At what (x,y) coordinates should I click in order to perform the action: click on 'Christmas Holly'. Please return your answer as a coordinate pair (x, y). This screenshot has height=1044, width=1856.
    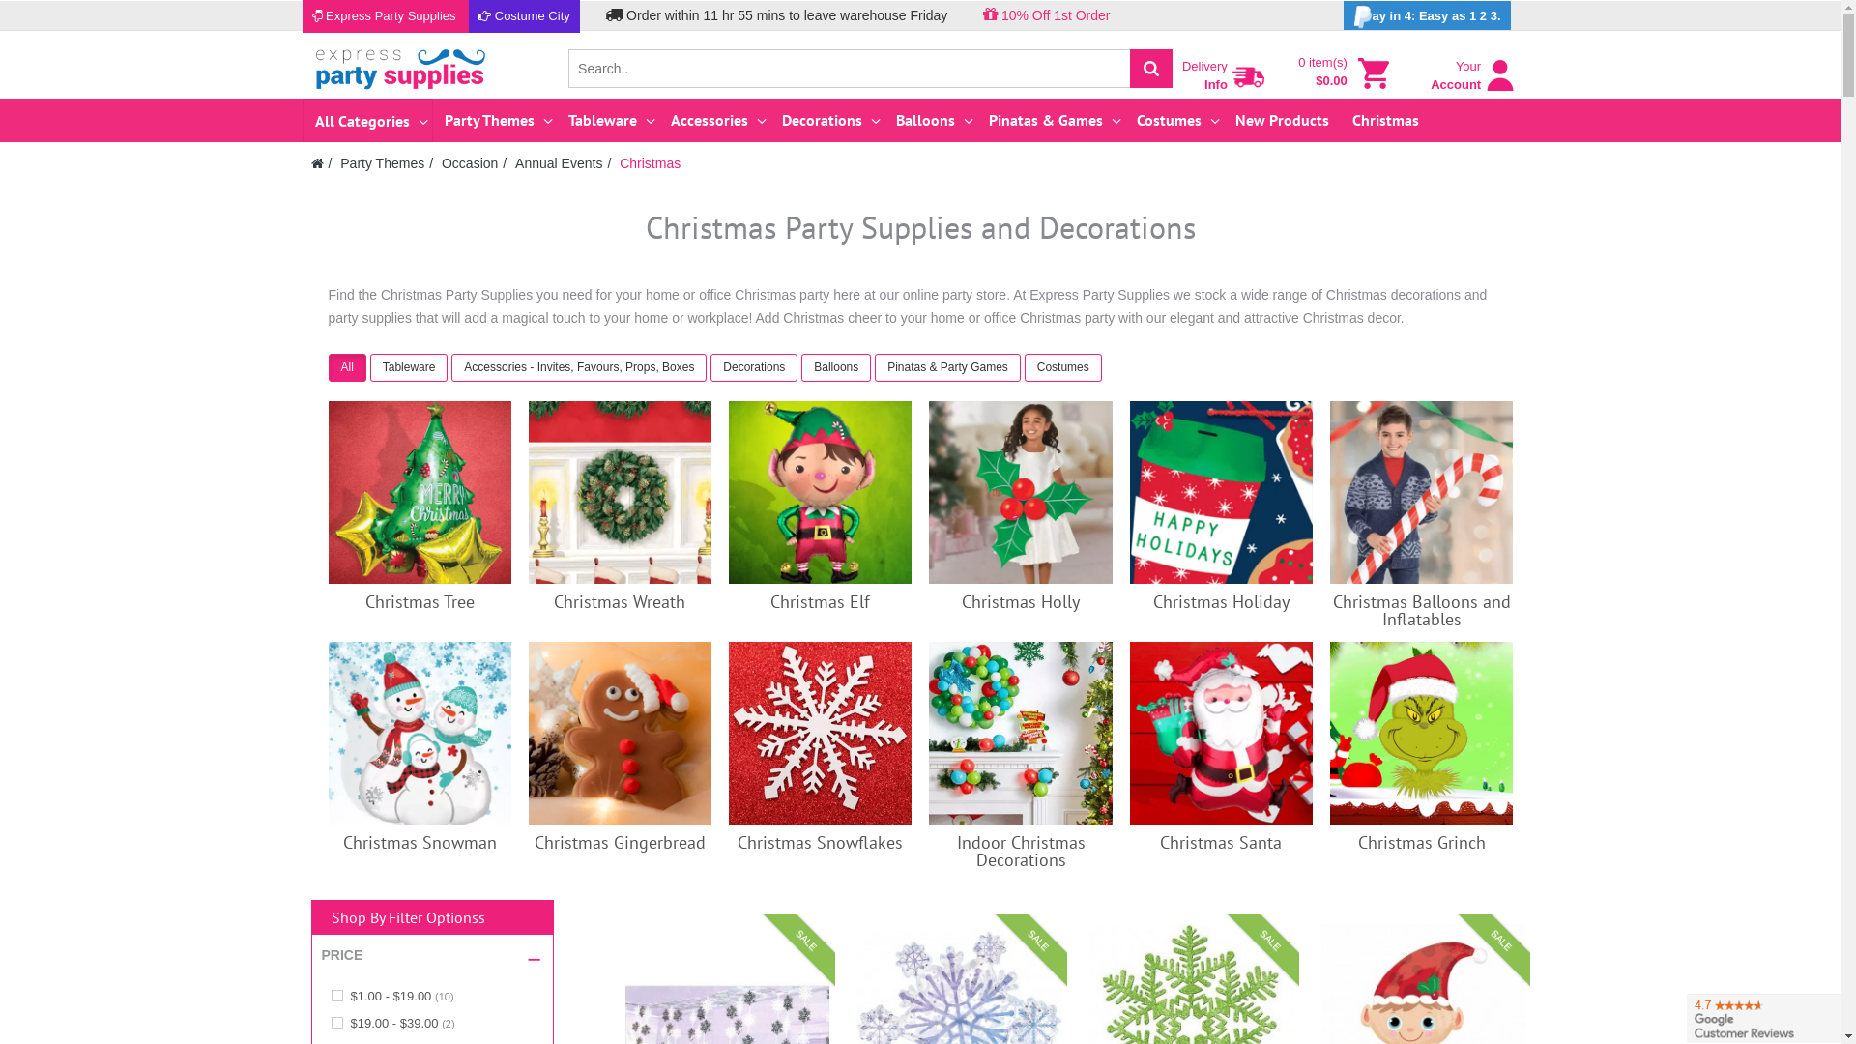
    Looking at the image, I should click on (1020, 600).